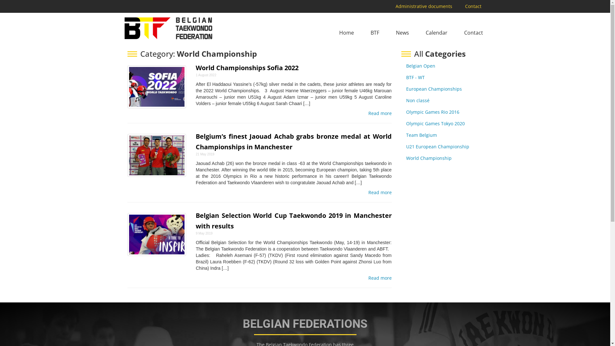 This screenshot has height=346, width=615. I want to click on 'Read more', so click(380, 277).